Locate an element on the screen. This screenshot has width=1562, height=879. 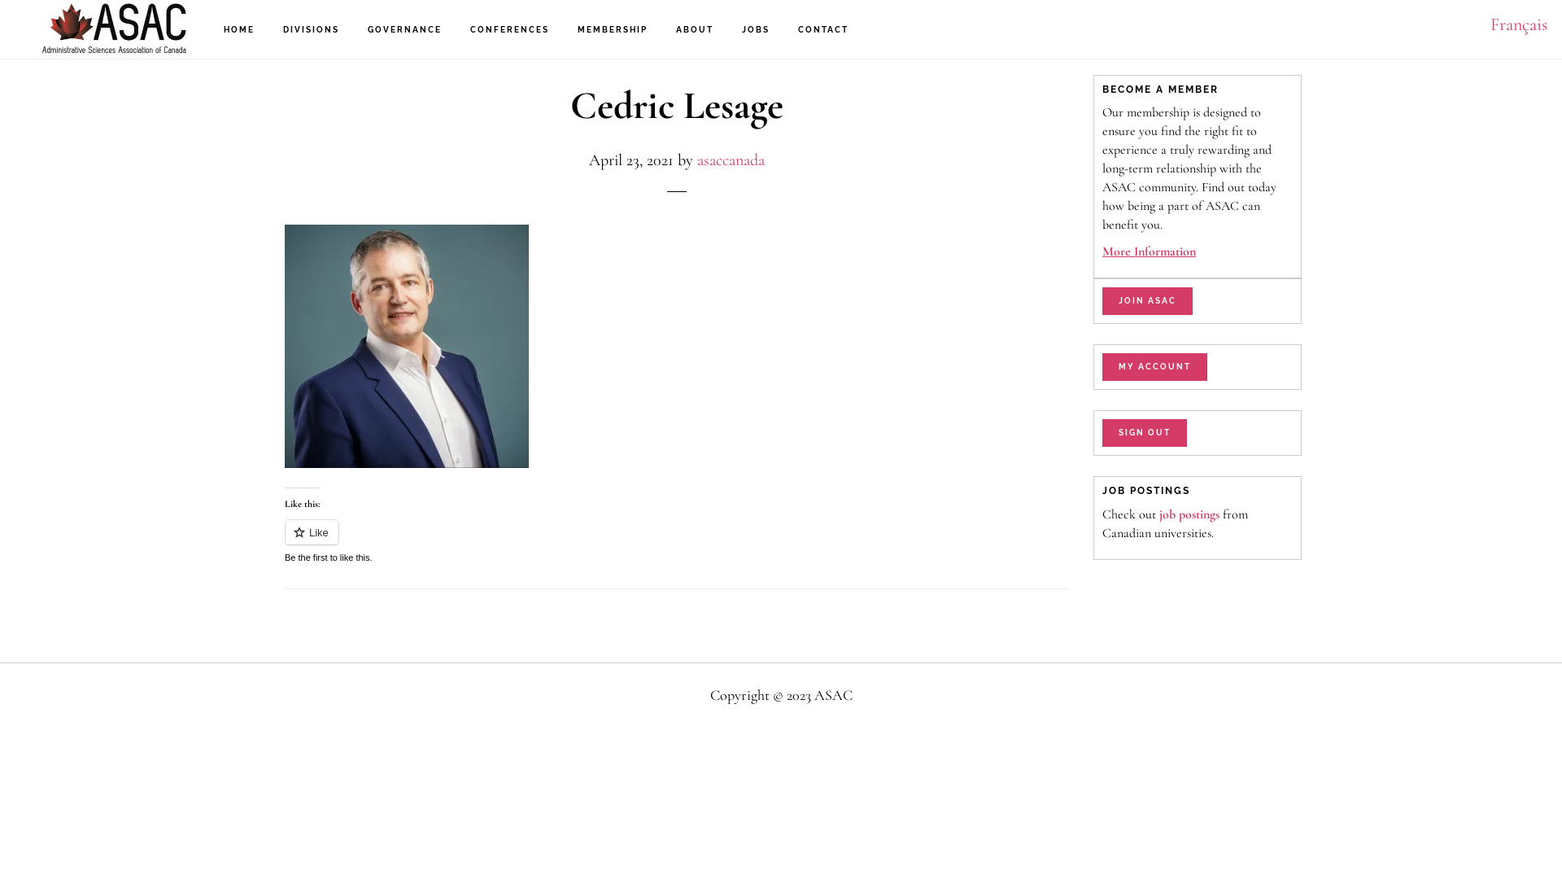
'ASAC' is located at coordinates (104, 28).